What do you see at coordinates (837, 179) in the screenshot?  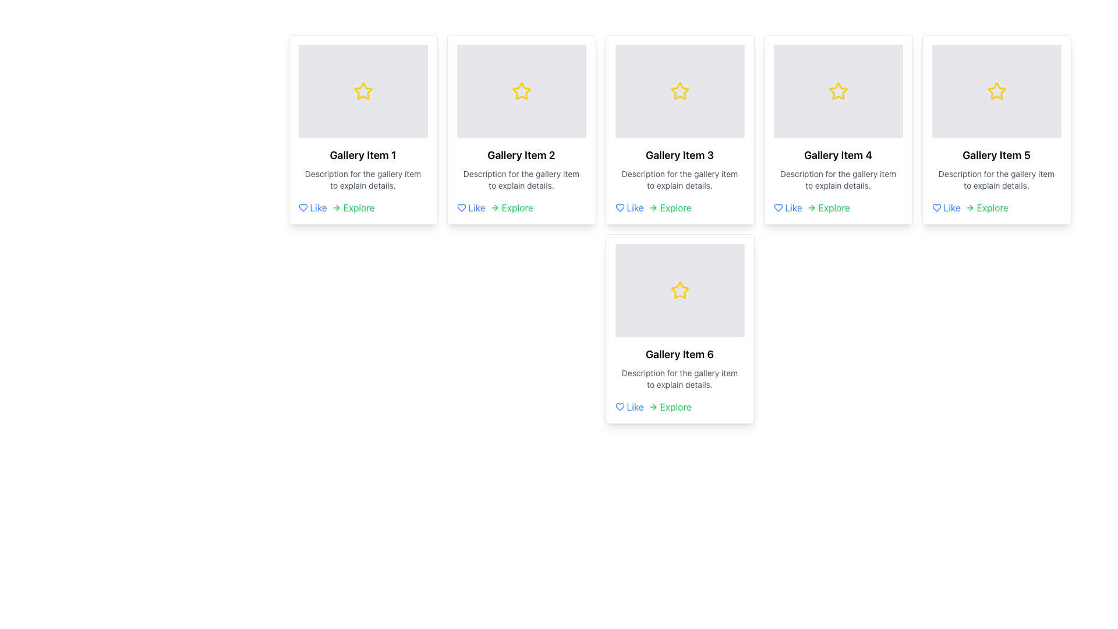 I see `the text element that provides additional information about 'Gallery Item 4'` at bounding box center [837, 179].